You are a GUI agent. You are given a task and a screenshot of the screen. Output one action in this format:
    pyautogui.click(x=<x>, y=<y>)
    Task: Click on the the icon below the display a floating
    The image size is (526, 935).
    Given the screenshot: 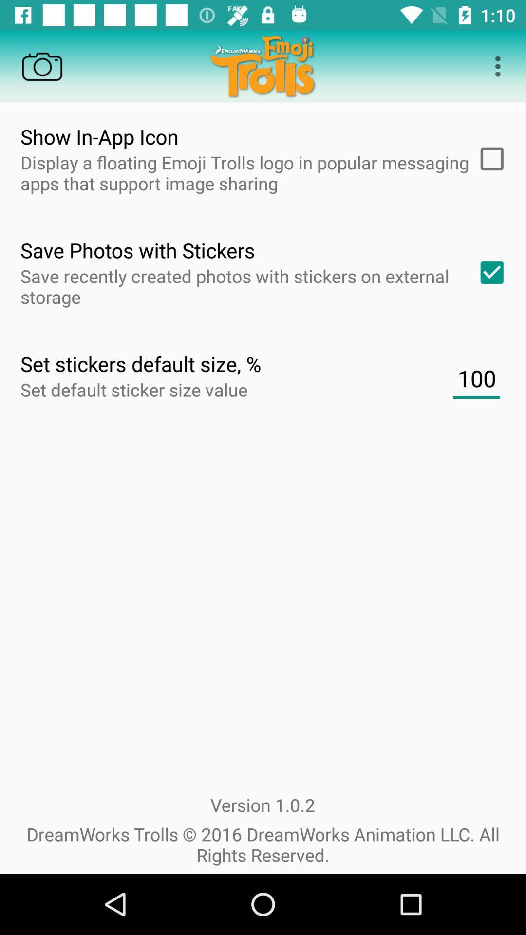 What is the action you would take?
    pyautogui.click(x=488, y=272)
    